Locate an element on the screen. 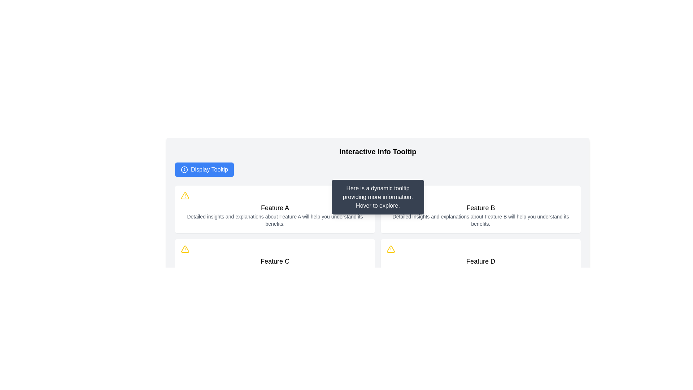 This screenshot has height=390, width=693. the button located at the top-left corner of the content section is located at coordinates (204, 170).